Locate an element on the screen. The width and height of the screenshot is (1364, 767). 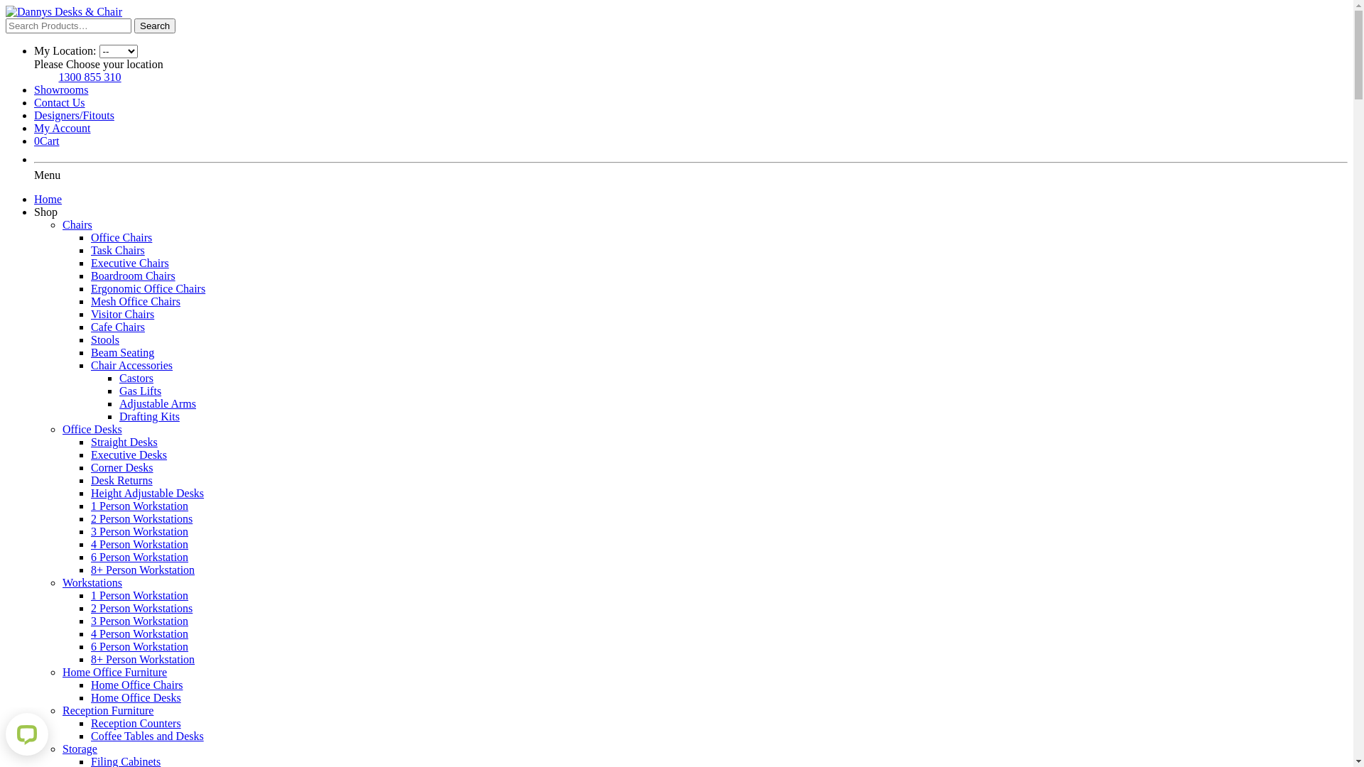
'Office Desks' is located at coordinates (91, 428).